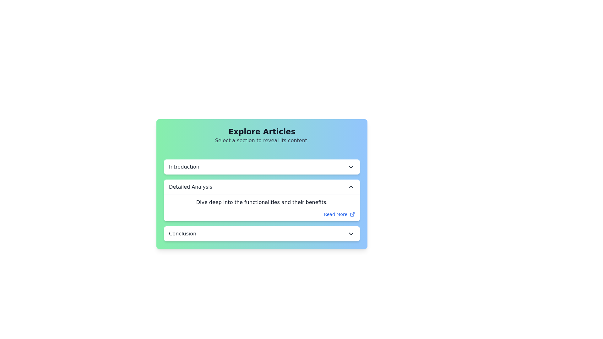 The image size is (603, 339). What do you see at coordinates (339, 214) in the screenshot?
I see `the 'Read More' link with an external icon located at the bottom-right of the 'Detailed Analysis' section` at bounding box center [339, 214].